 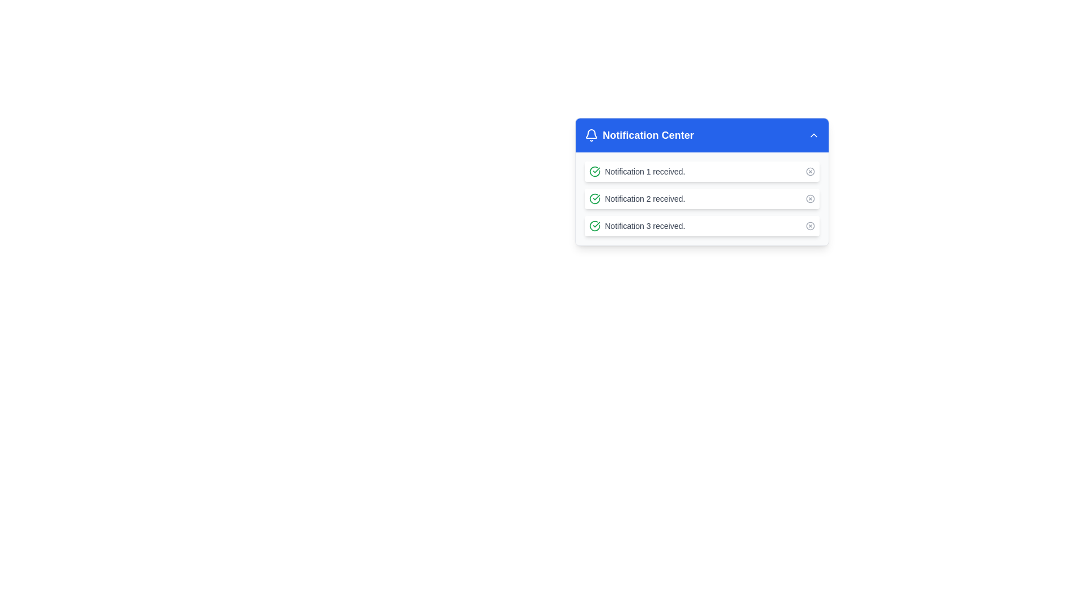 I want to click on the second notification list item displaying the message, allowing users, so click(x=701, y=198).